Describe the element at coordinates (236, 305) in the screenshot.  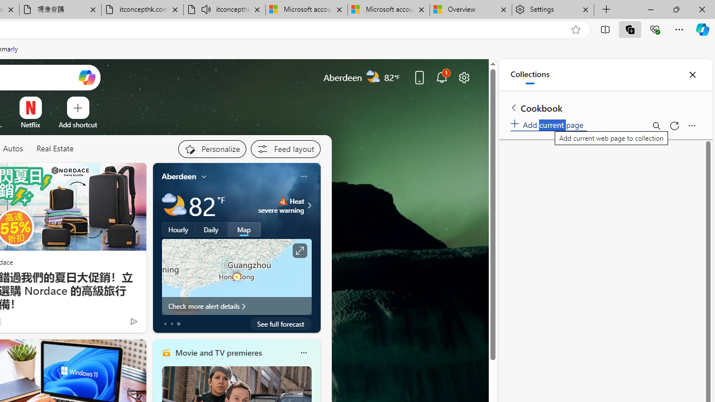
I see `'Check more alert details'` at that location.